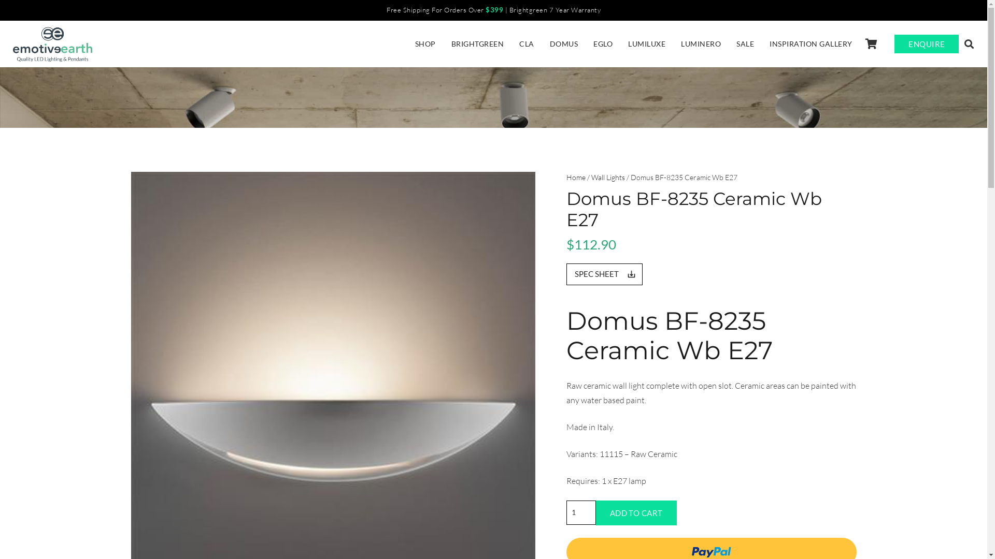 Image resolution: width=995 pixels, height=559 pixels. Describe the element at coordinates (745, 43) in the screenshot. I see `'SALE'` at that location.